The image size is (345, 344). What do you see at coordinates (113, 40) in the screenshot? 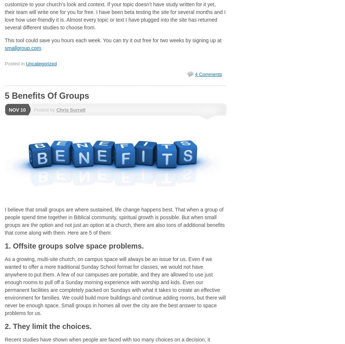
I see `'This tool could save you hours each week. You can try it out free for two weeks by signing up at'` at bounding box center [113, 40].